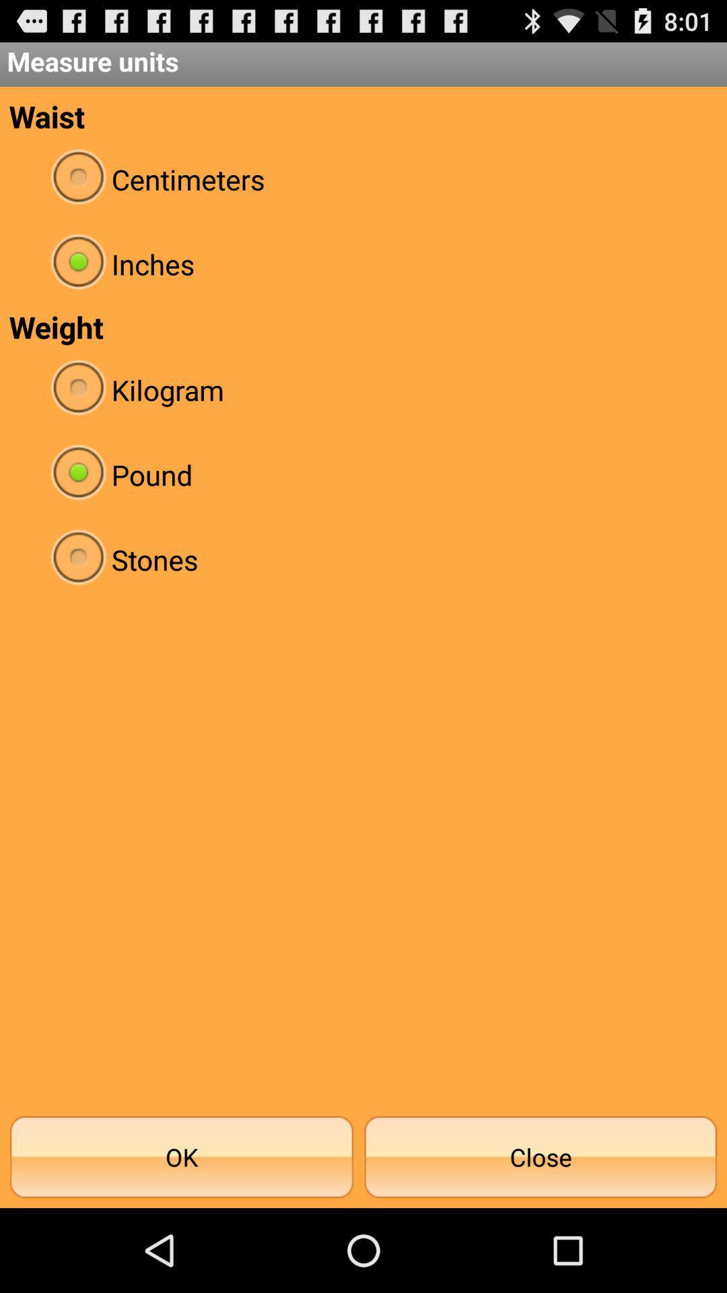 This screenshot has height=1293, width=727. What do you see at coordinates (363, 264) in the screenshot?
I see `app above weight` at bounding box center [363, 264].